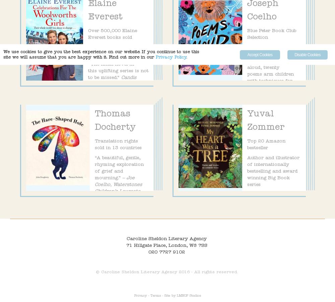 The image size is (335, 302). What do you see at coordinates (272, 98) in the screenshot?
I see `'performing with confidence.'` at bounding box center [272, 98].